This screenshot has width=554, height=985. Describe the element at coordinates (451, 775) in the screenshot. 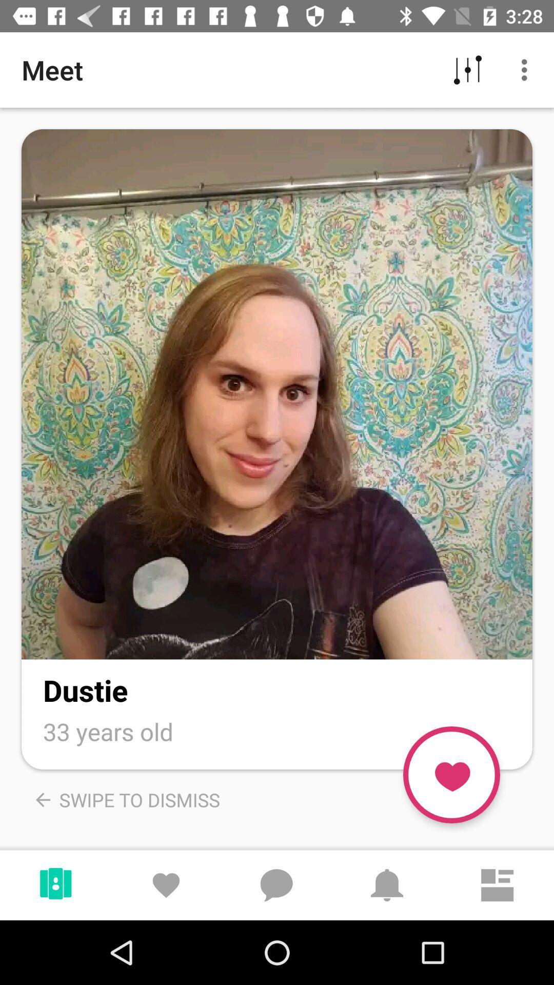

I see `like user` at that location.